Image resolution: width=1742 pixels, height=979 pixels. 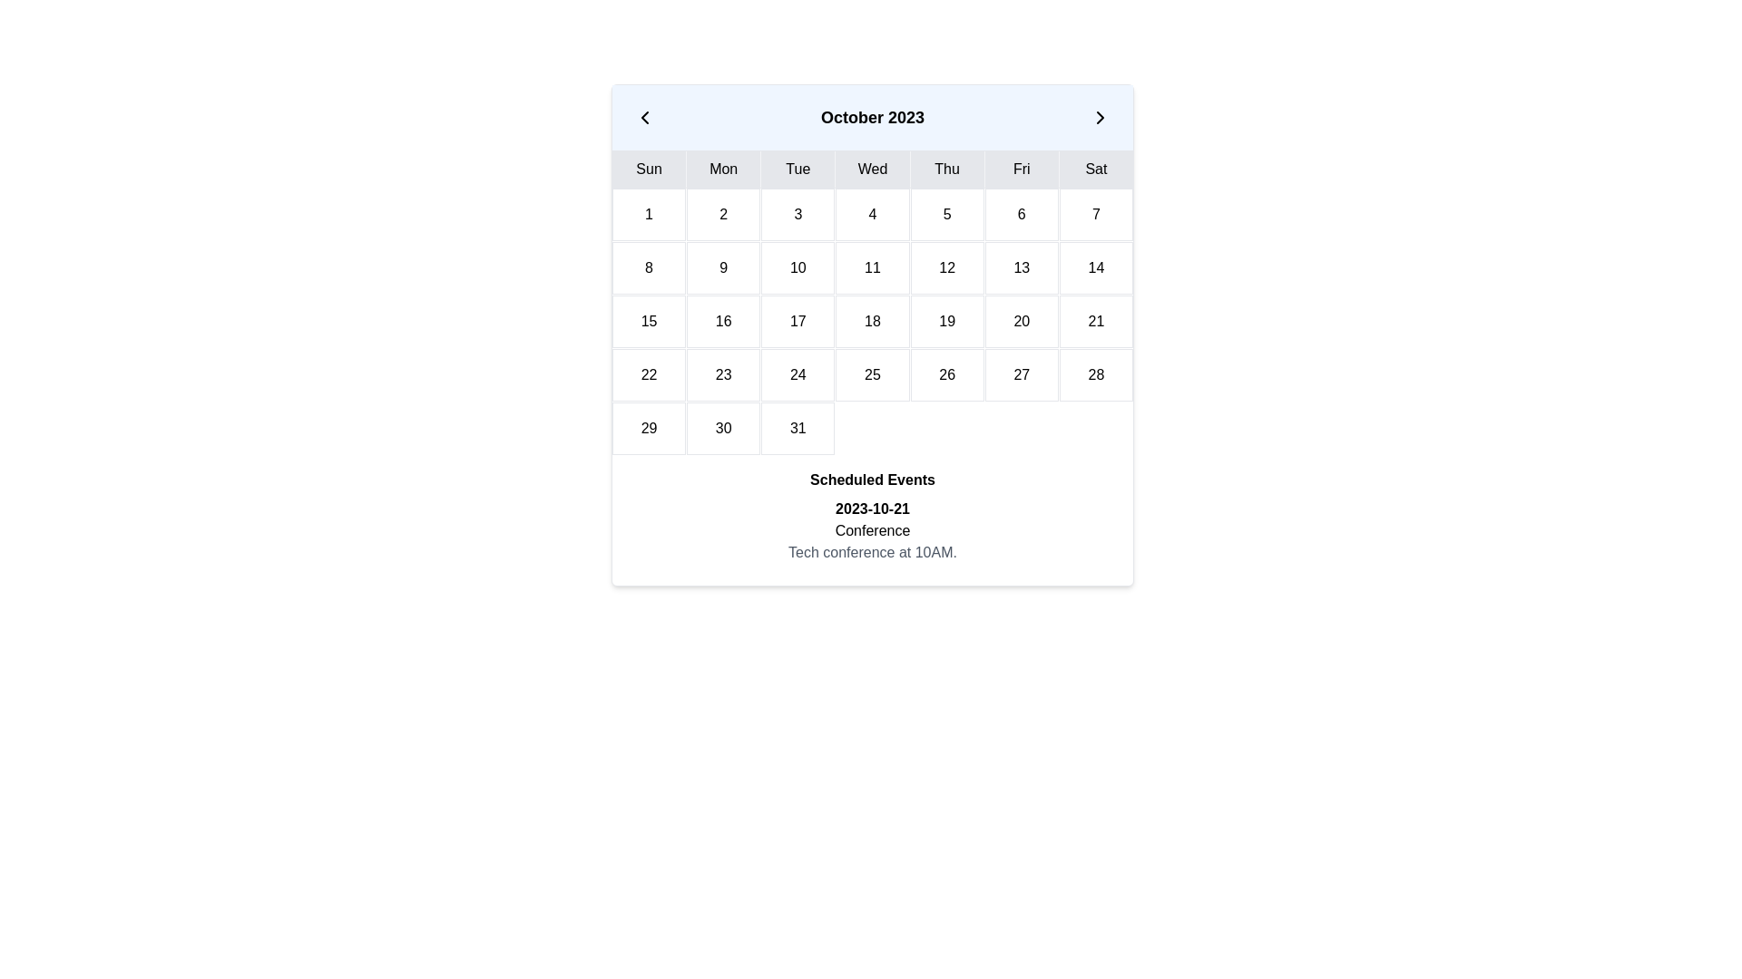 I want to click on the calendar cell displaying the number '11' in the October 2023 calendar, so click(x=872, y=268).